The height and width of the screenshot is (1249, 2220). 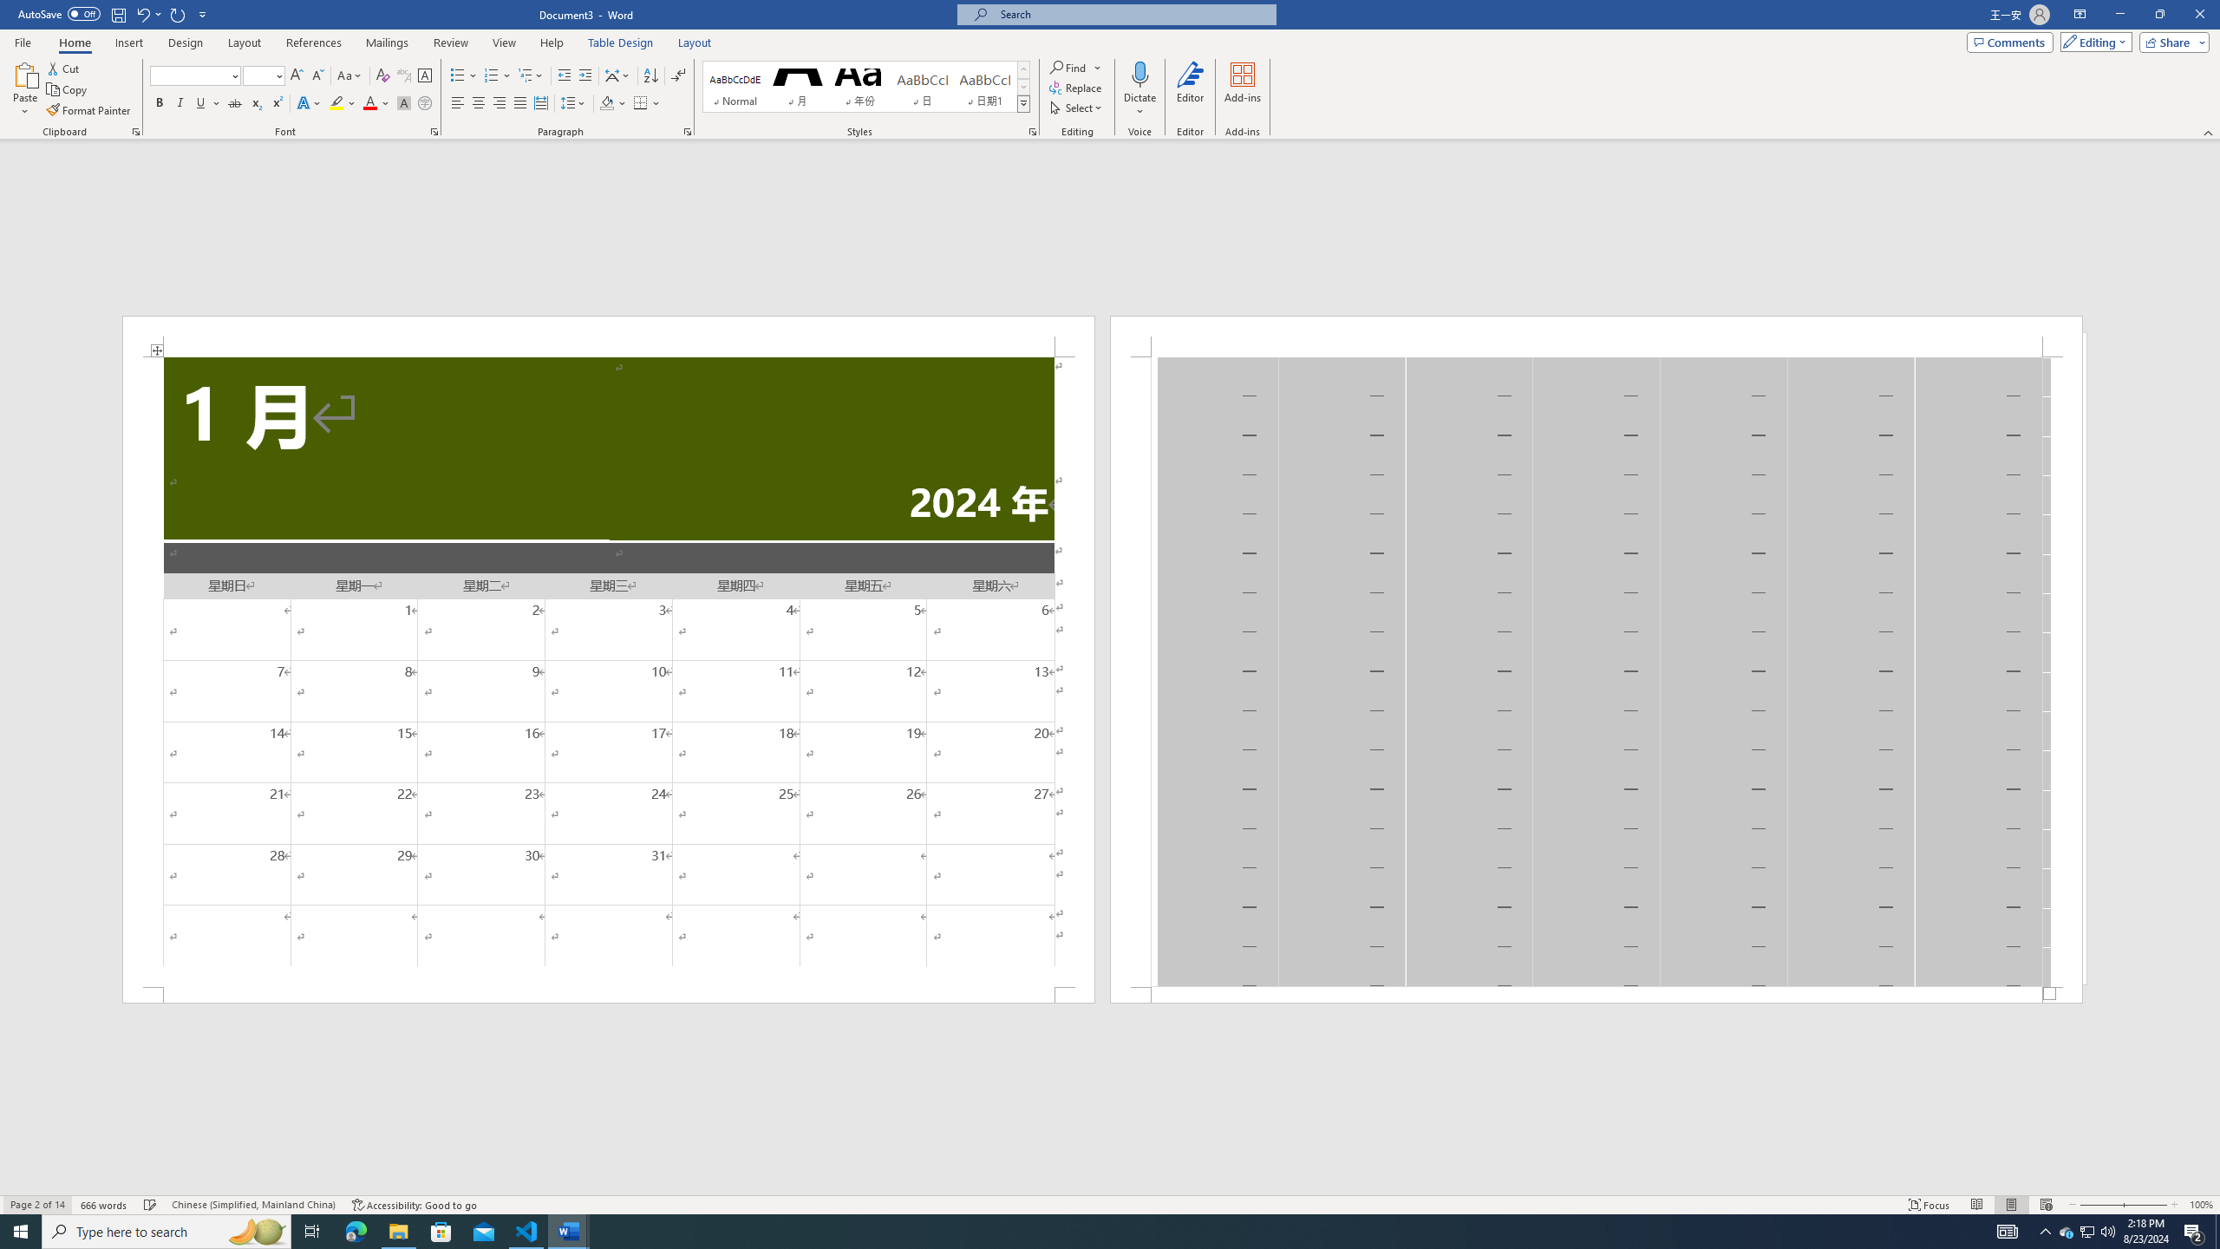 I want to click on 'Enclose Characters...', so click(x=424, y=102).